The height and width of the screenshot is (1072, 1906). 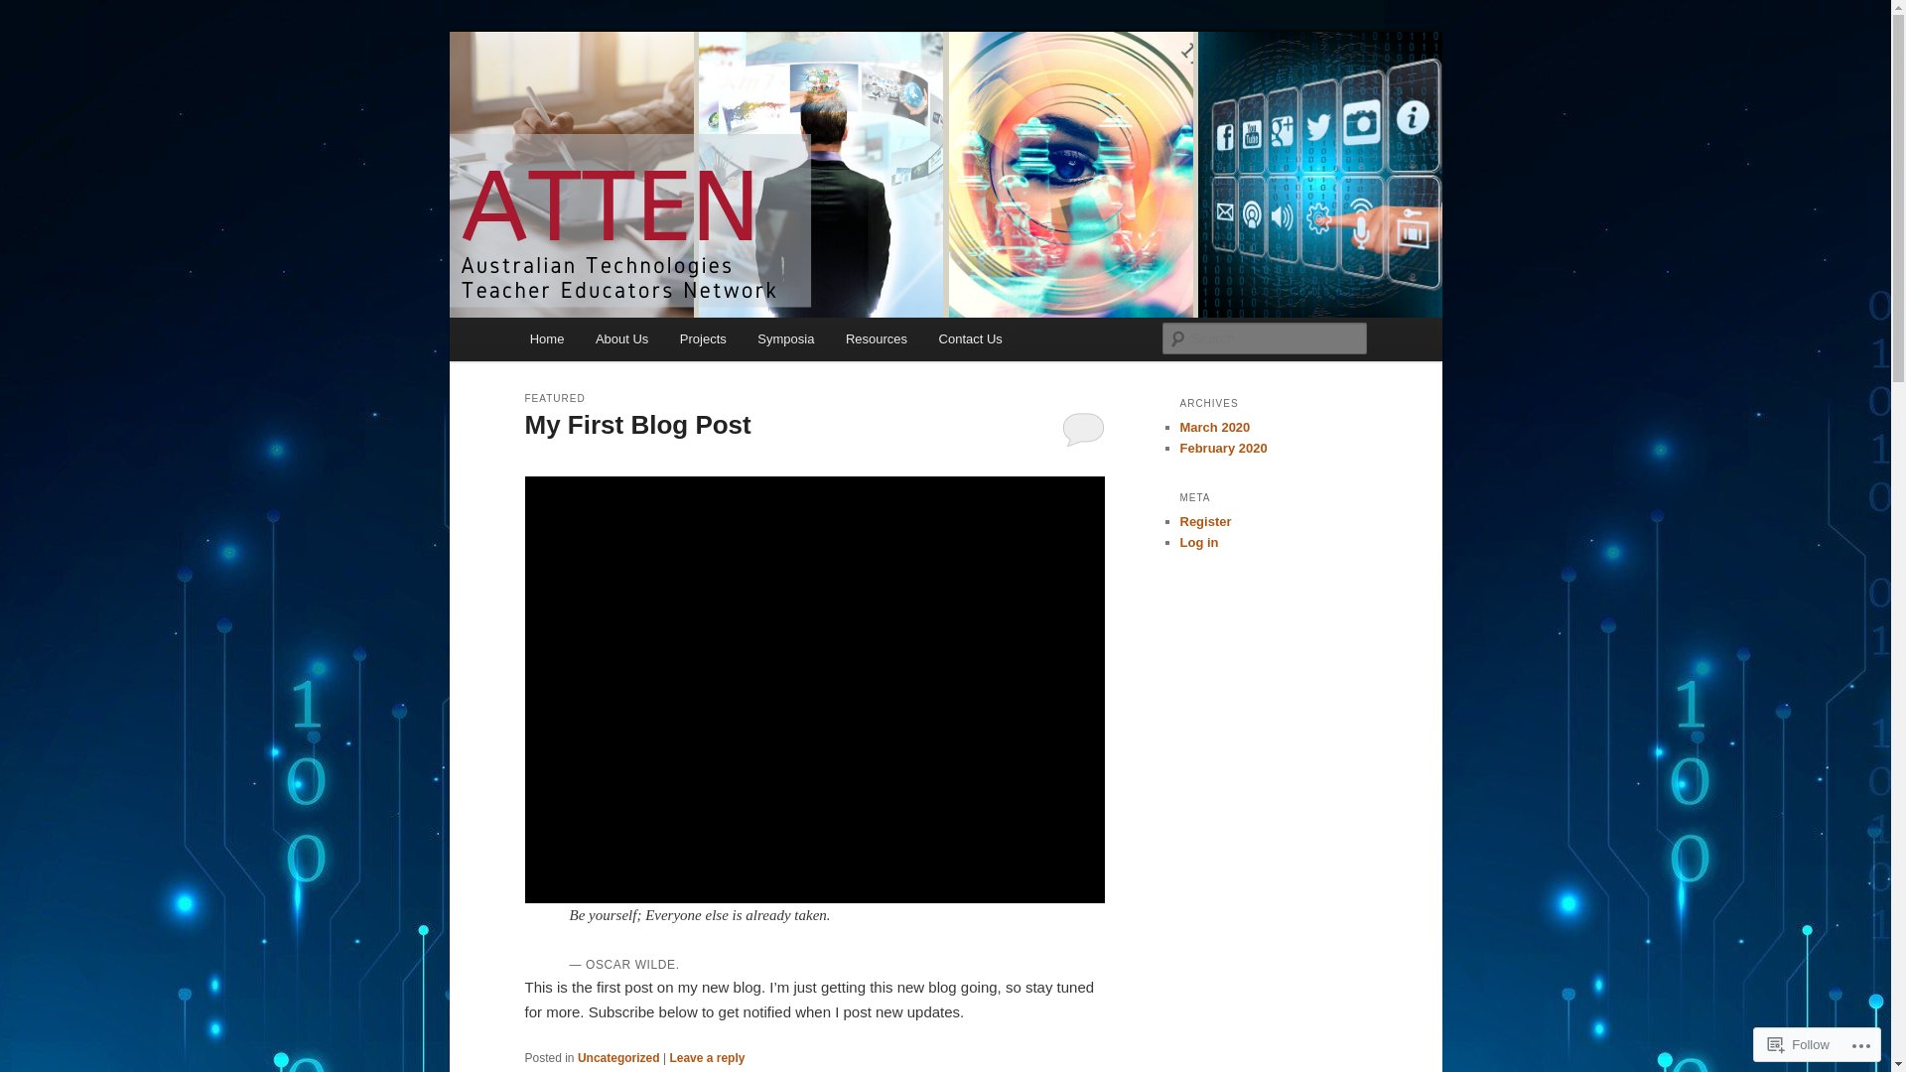 What do you see at coordinates (547, 337) in the screenshot?
I see `'Home'` at bounding box center [547, 337].